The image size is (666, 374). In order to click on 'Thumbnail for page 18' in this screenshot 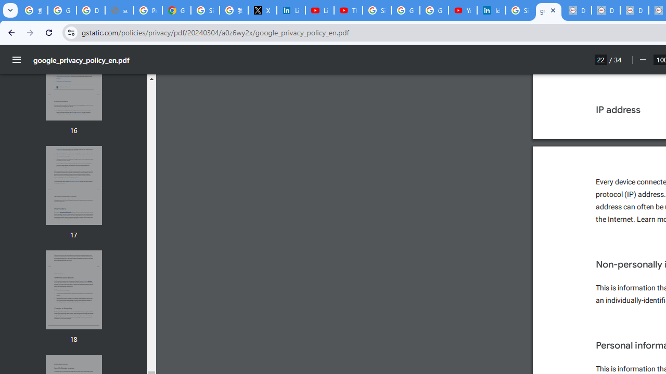, I will do `click(73, 290)`.